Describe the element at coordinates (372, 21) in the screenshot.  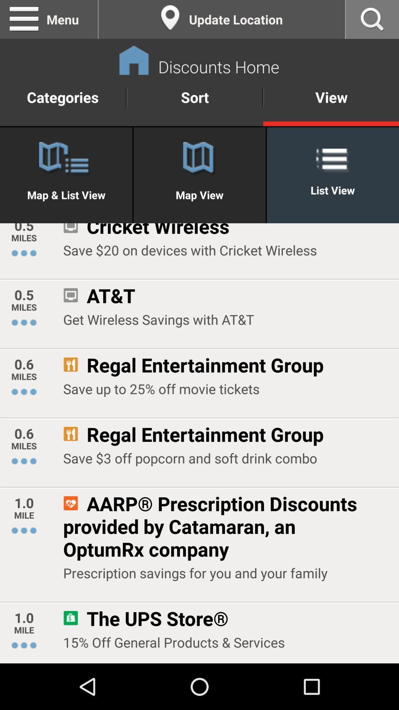
I see `the search icon` at that location.